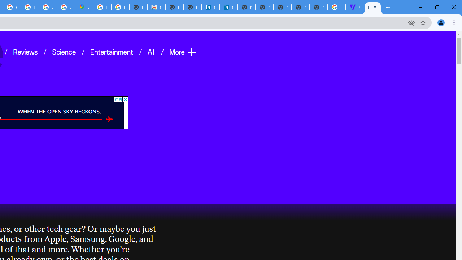  What do you see at coordinates (64, 51) in the screenshot?
I see `'Science'` at bounding box center [64, 51].